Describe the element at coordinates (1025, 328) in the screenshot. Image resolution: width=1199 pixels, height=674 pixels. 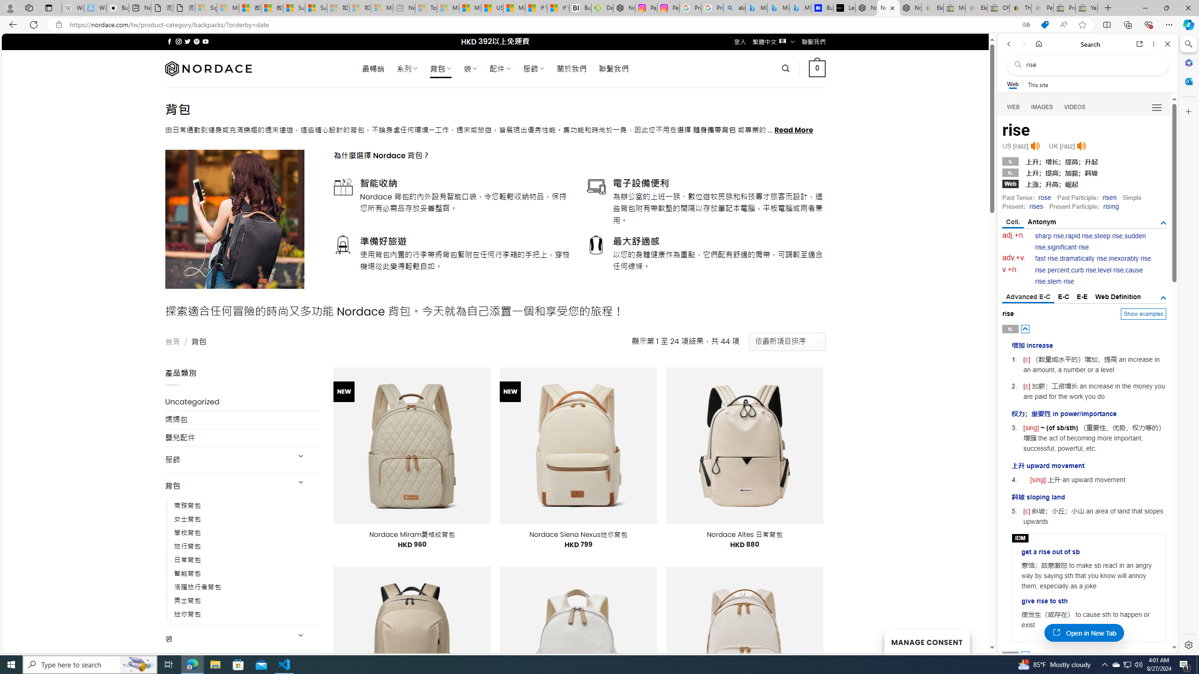
I see `'AutomationID: posbtn_0'` at that location.